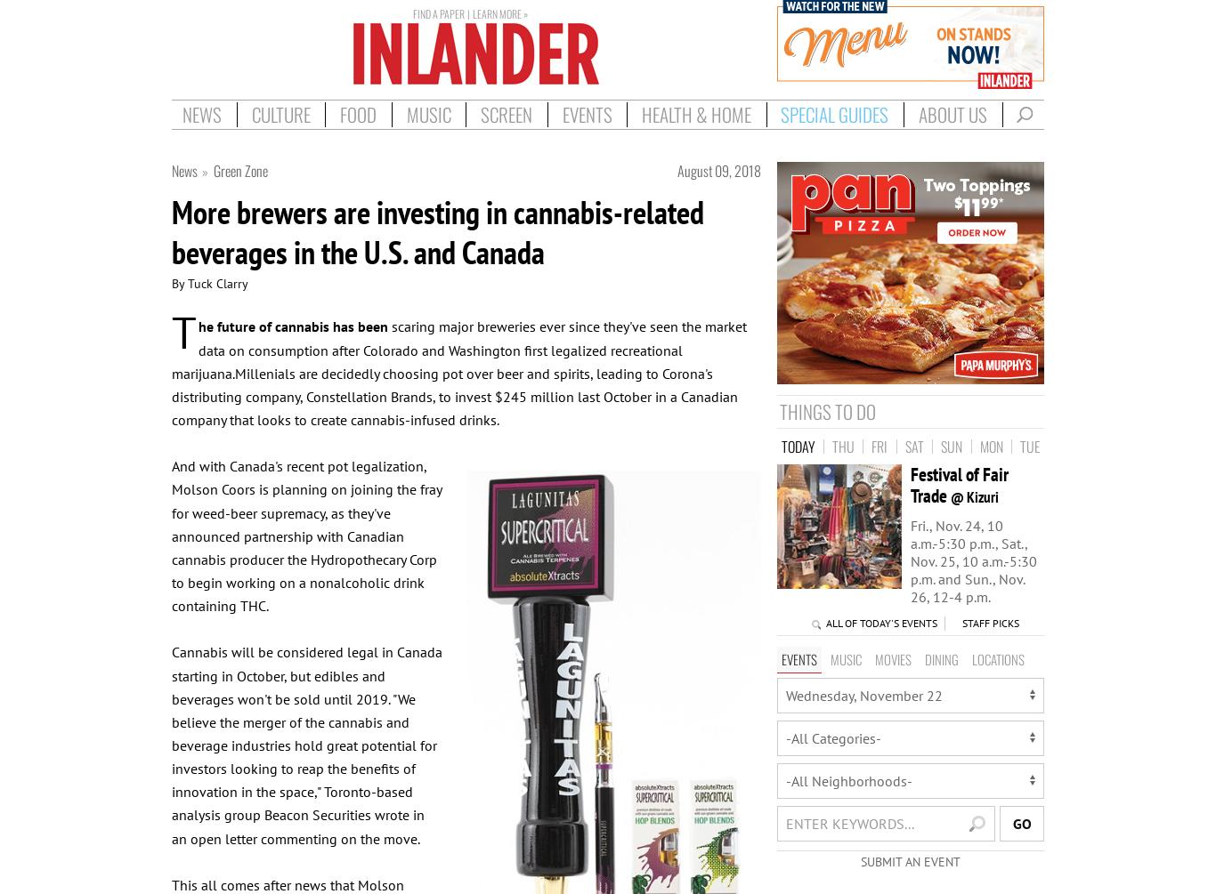 The width and height of the screenshot is (1216, 894). Describe the element at coordinates (990, 445) in the screenshot. I see `'Mon'` at that location.